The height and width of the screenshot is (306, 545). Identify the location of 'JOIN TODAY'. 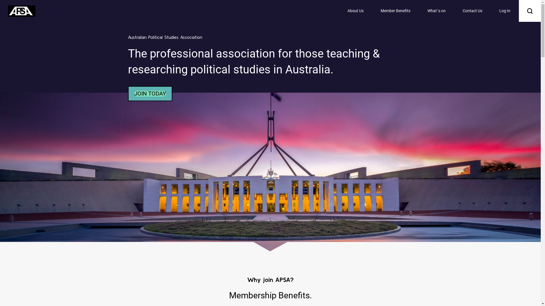
(150, 93).